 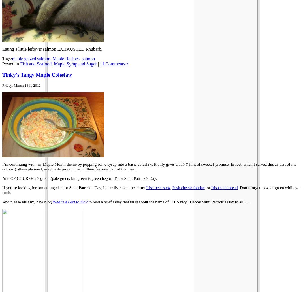 What do you see at coordinates (2, 178) in the screenshot?
I see `'And OF COURSE it’s green (pale green, but green is green begorra!) for Saint Patrick’s Day.'` at bounding box center [2, 178].